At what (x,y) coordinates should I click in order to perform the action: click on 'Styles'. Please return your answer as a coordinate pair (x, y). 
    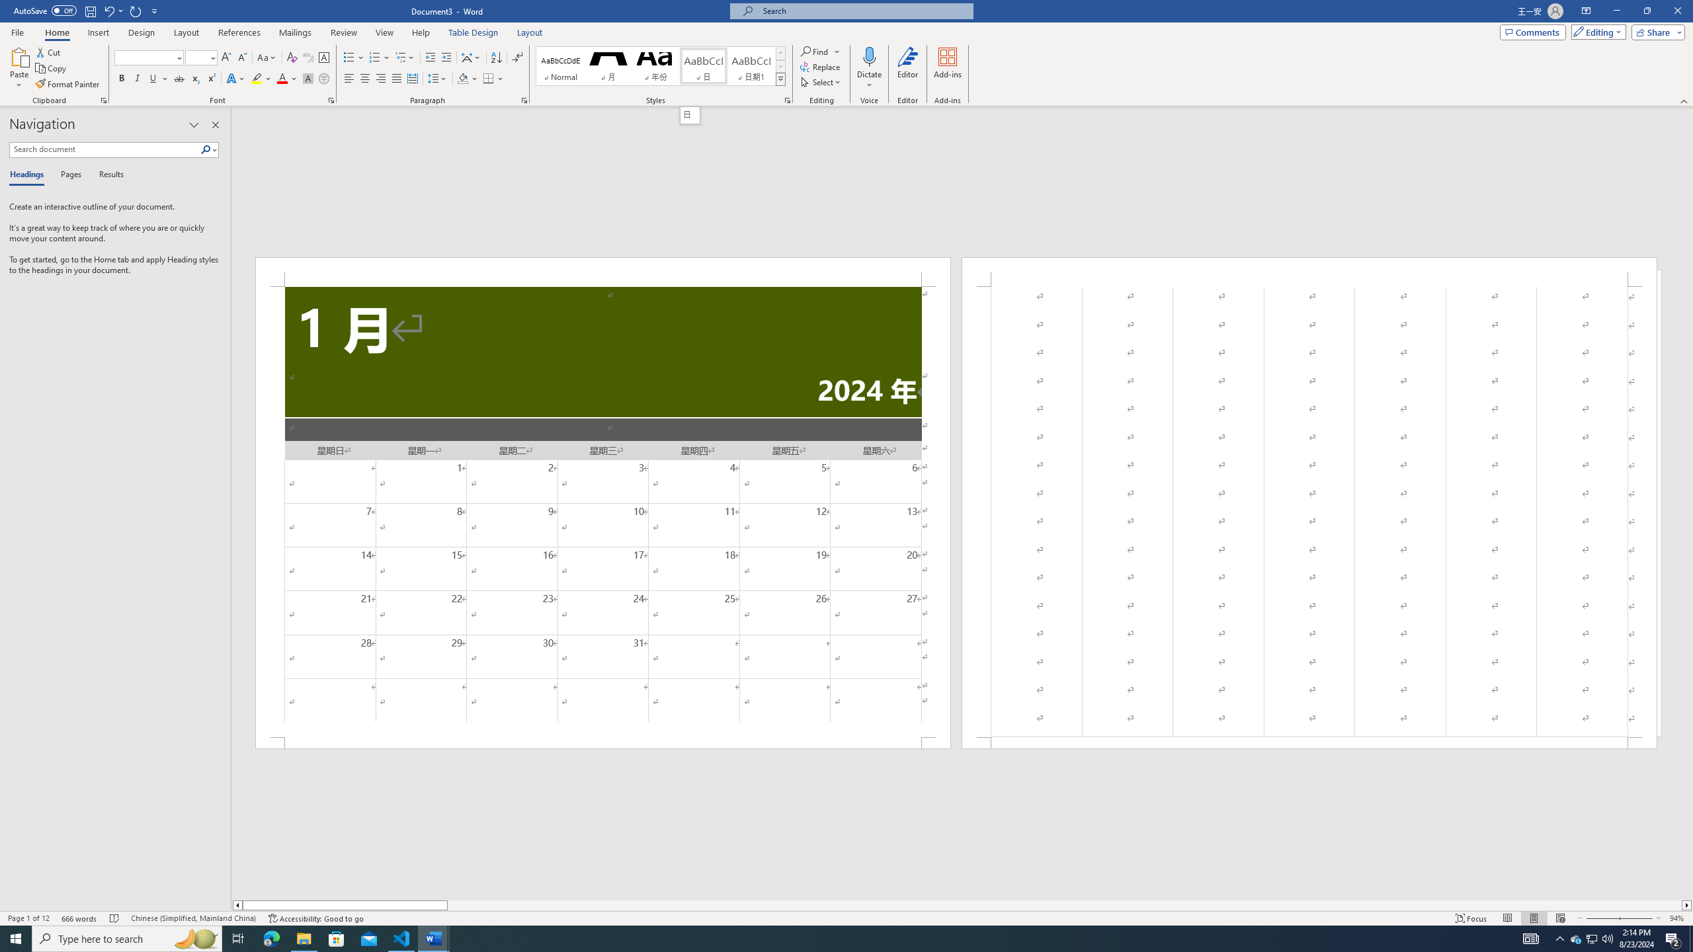
    Looking at the image, I should click on (780, 78).